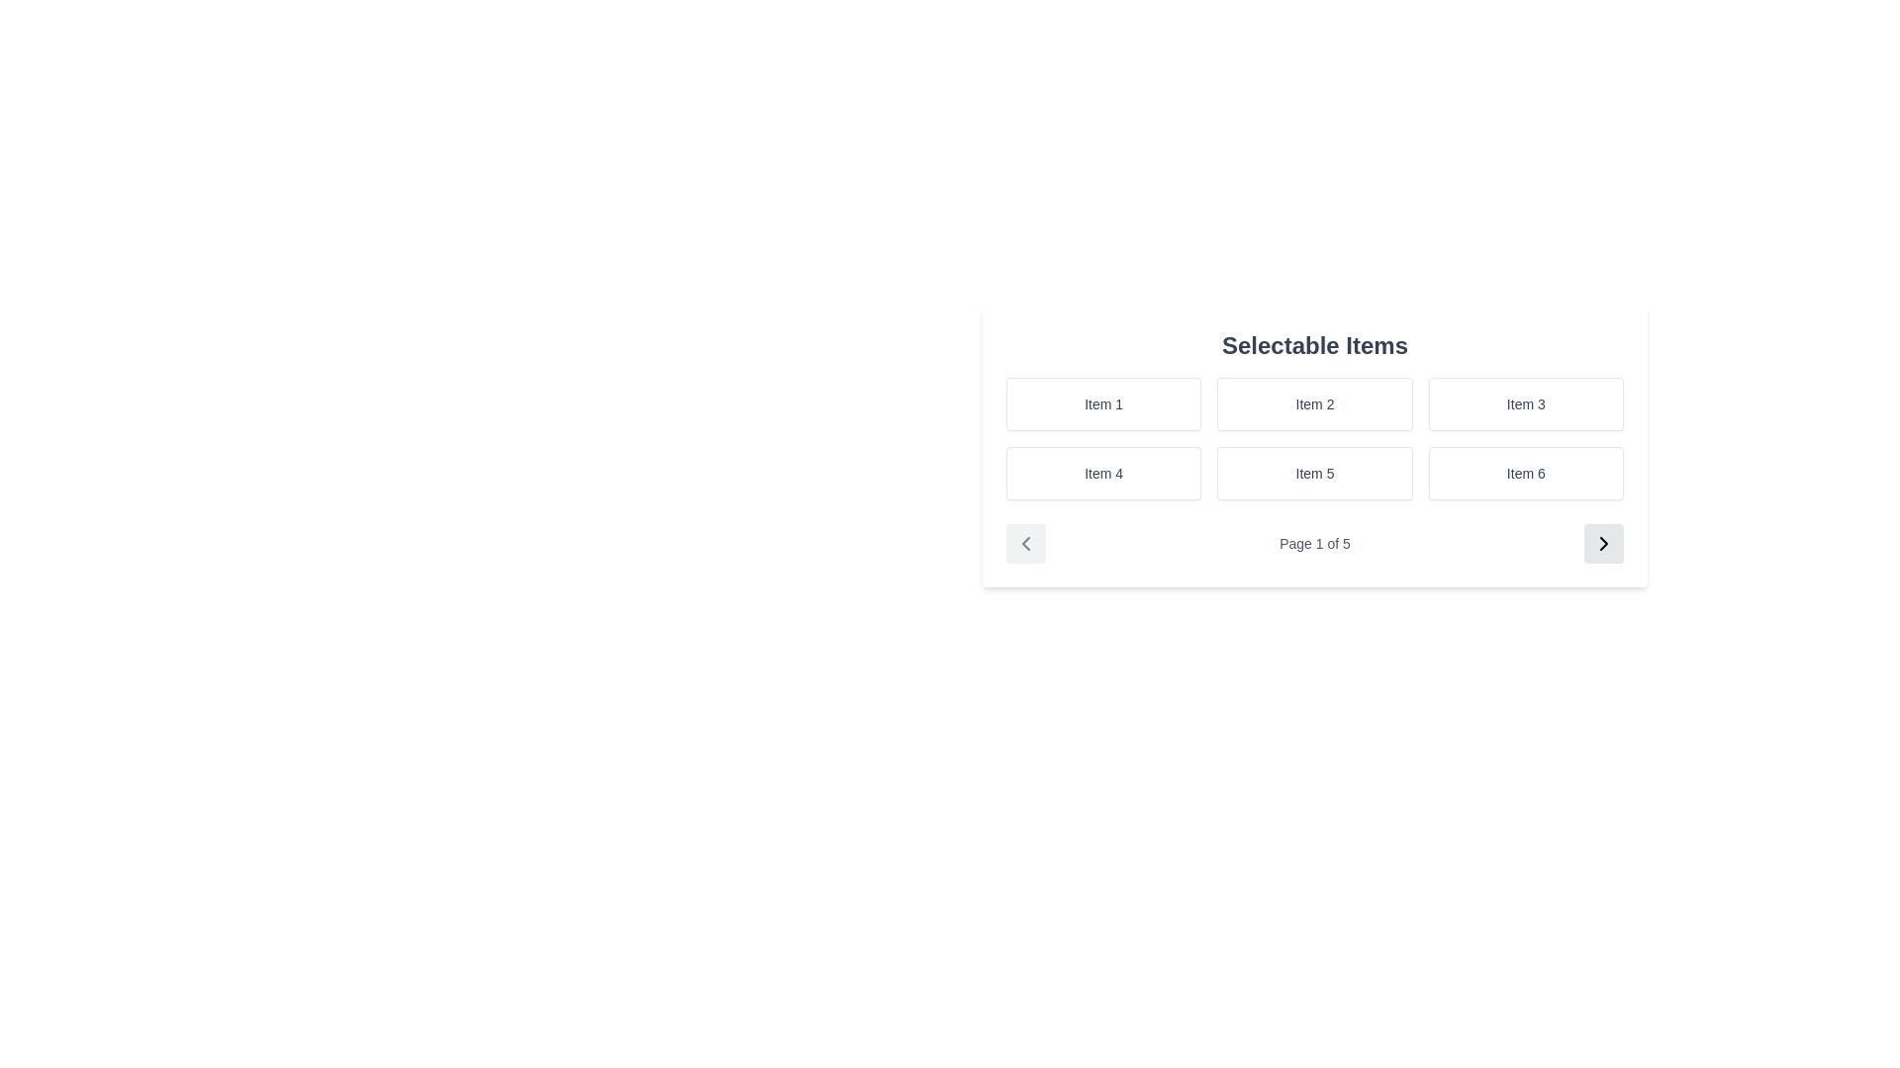 The image size is (1900, 1068). What do you see at coordinates (1604, 544) in the screenshot?
I see `the Chevron right icon located in the bottom-right portion of the interface` at bounding box center [1604, 544].